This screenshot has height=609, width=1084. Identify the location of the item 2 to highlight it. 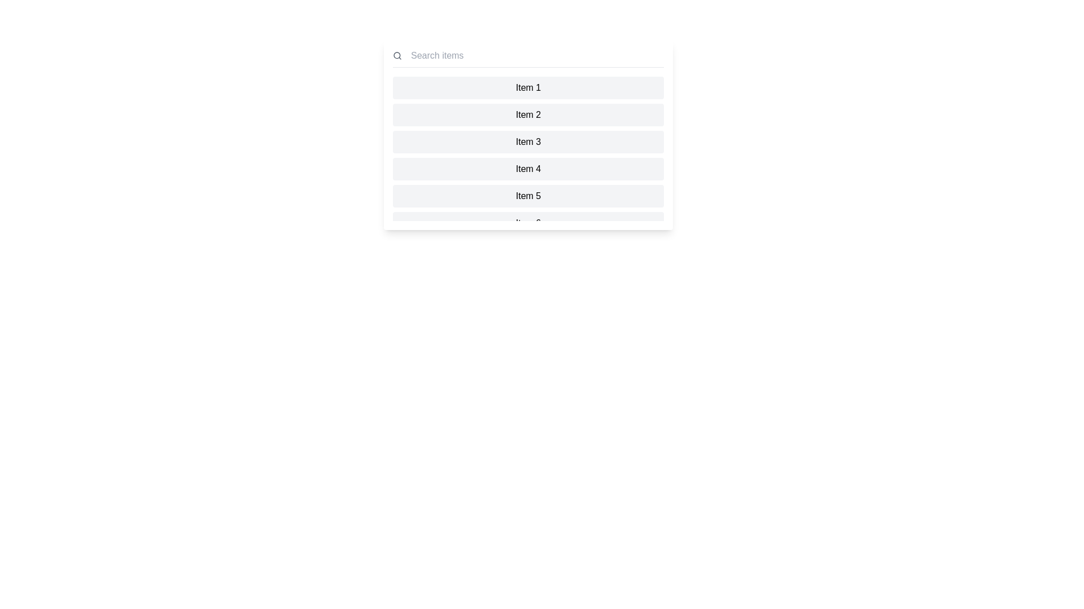
(528, 115).